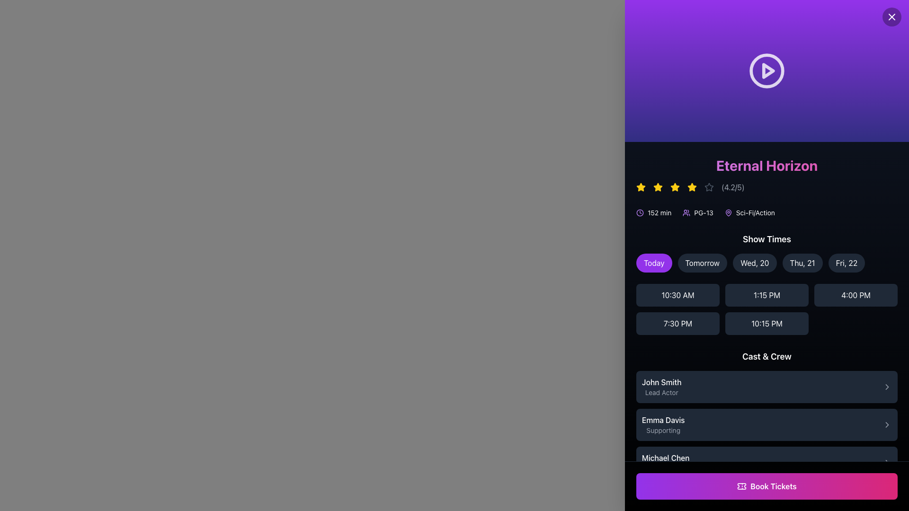  Describe the element at coordinates (661, 387) in the screenshot. I see `the 'Cast & Crew' section's first item, which displays the title and role of the cast member` at that location.